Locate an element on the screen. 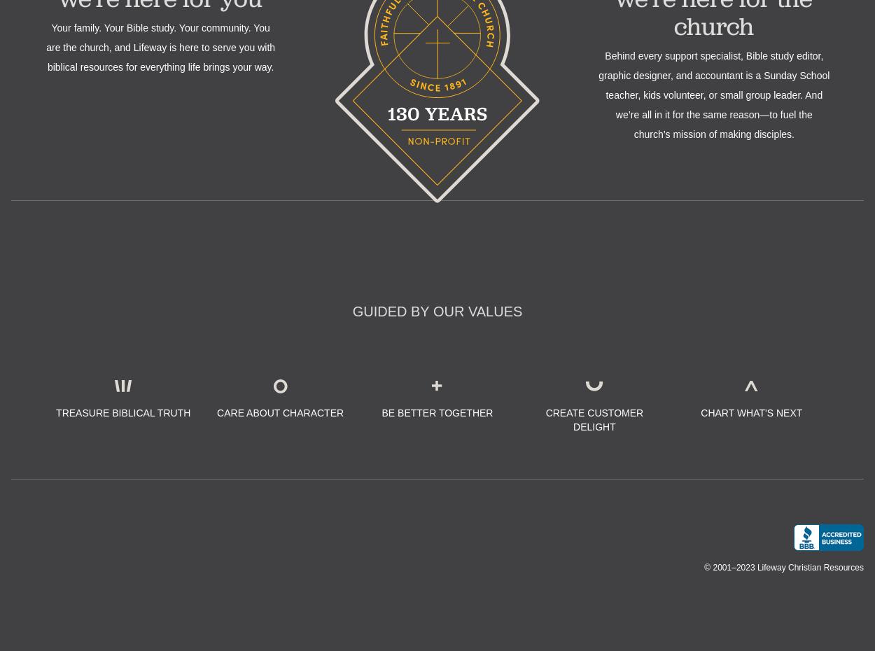  'Lifeway Christian Resources' is located at coordinates (810, 566).